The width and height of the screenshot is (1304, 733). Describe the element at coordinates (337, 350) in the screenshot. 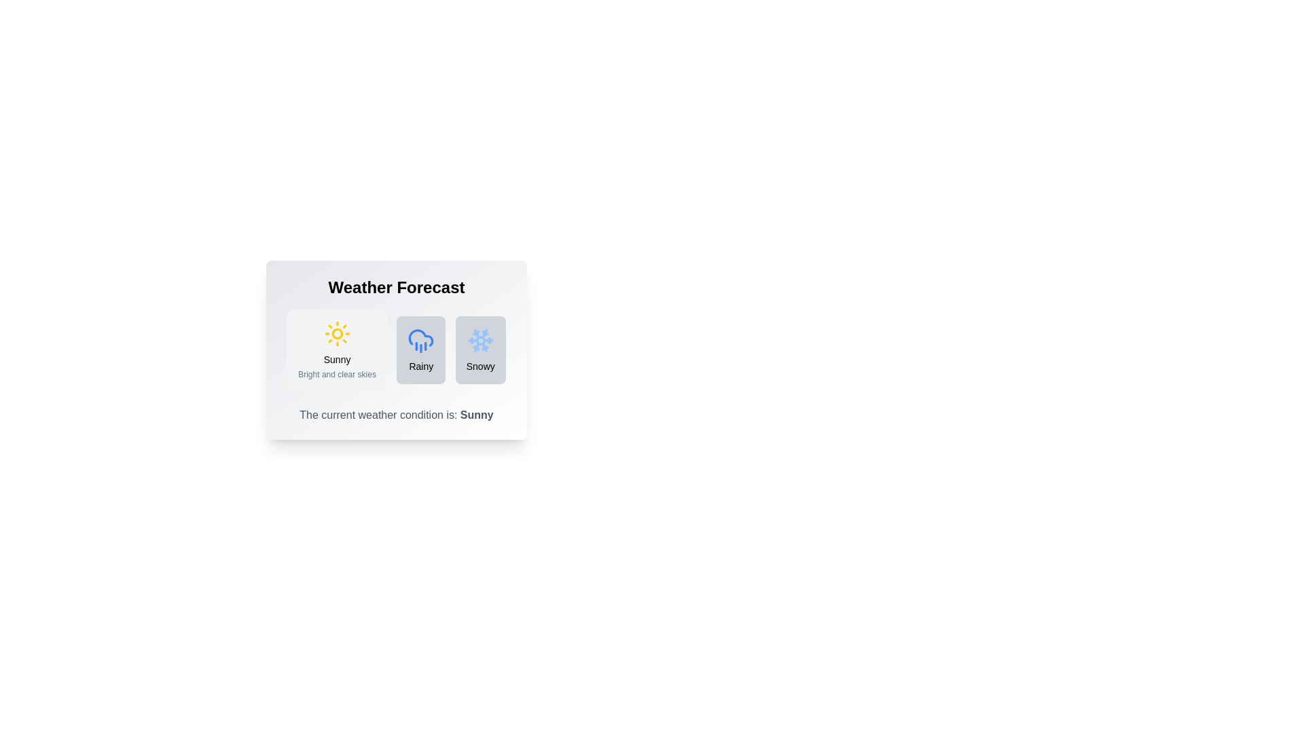

I see `the weather condition button corresponding to Sunny` at that location.